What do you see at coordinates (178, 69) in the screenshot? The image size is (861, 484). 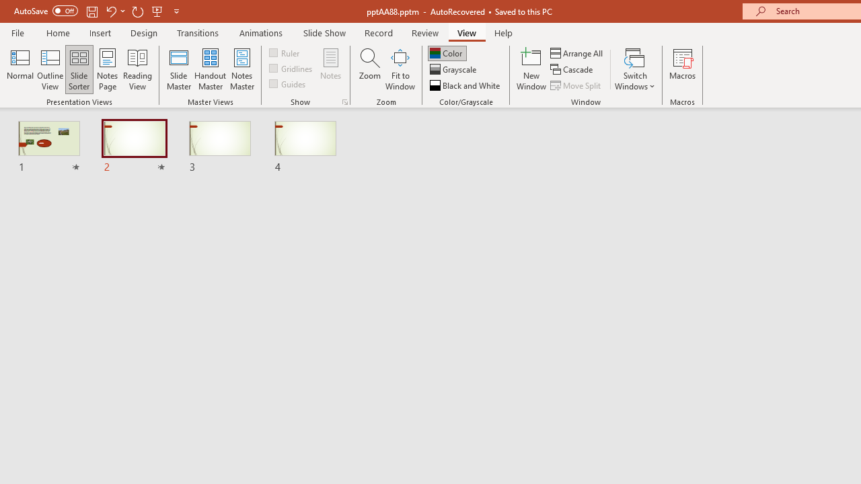 I see `'Slide Master'` at bounding box center [178, 69].